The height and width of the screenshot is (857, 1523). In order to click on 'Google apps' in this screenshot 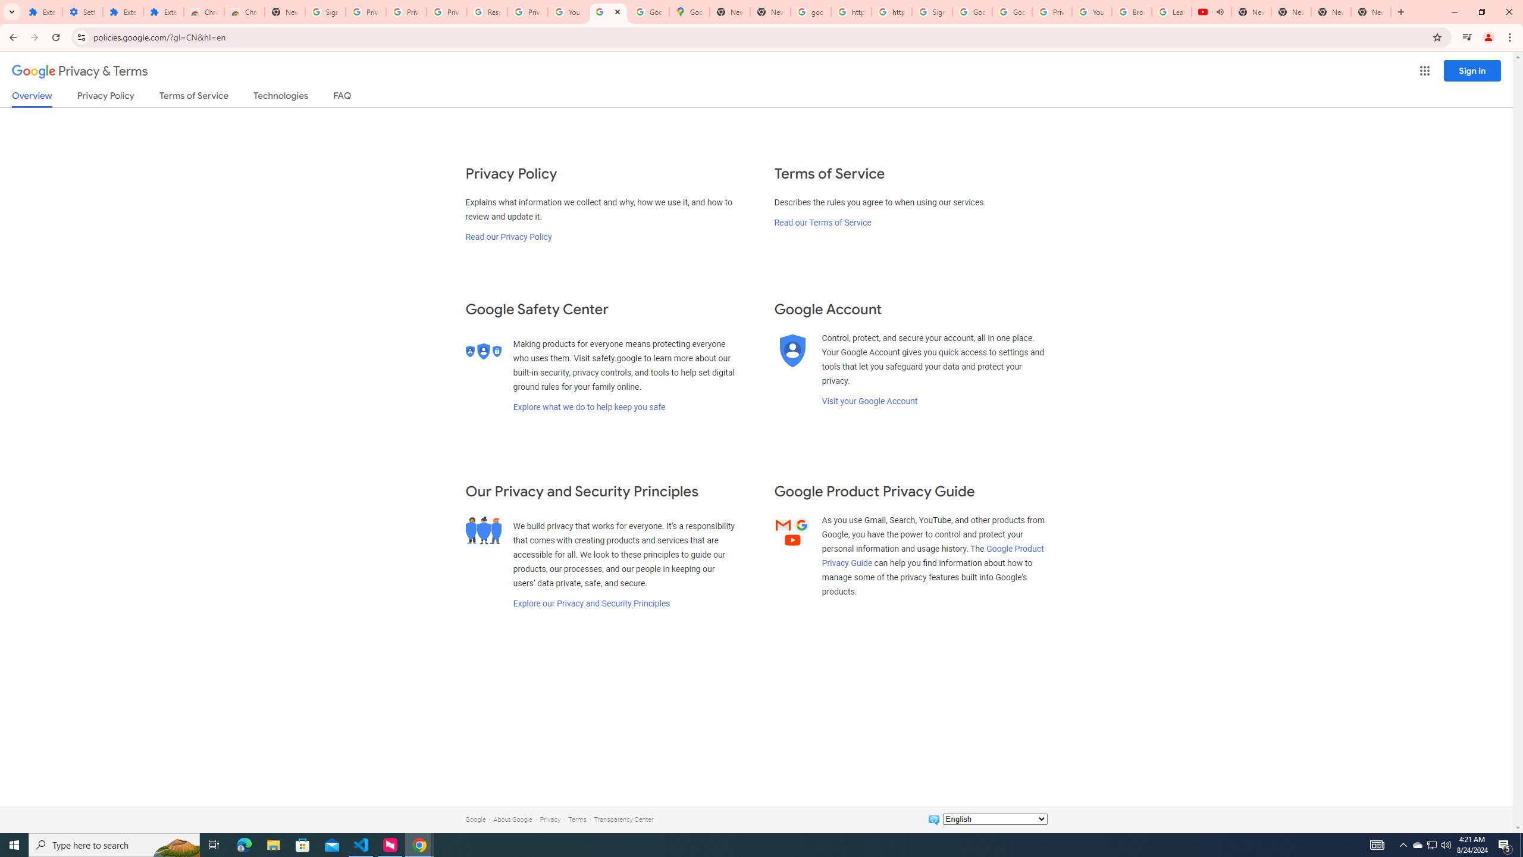, I will do `click(1424, 70)`.